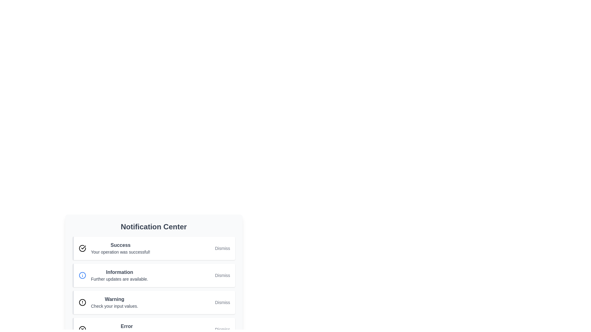 The height and width of the screenshot is (332, 591). What do you see at coordinates (83, 247) in the screenshot?
I see `the graphical checkmark icon within the SVG element that indicates a successful state, located in the top-left section of the 'Success' notification item` at bounding box center [83, 247].